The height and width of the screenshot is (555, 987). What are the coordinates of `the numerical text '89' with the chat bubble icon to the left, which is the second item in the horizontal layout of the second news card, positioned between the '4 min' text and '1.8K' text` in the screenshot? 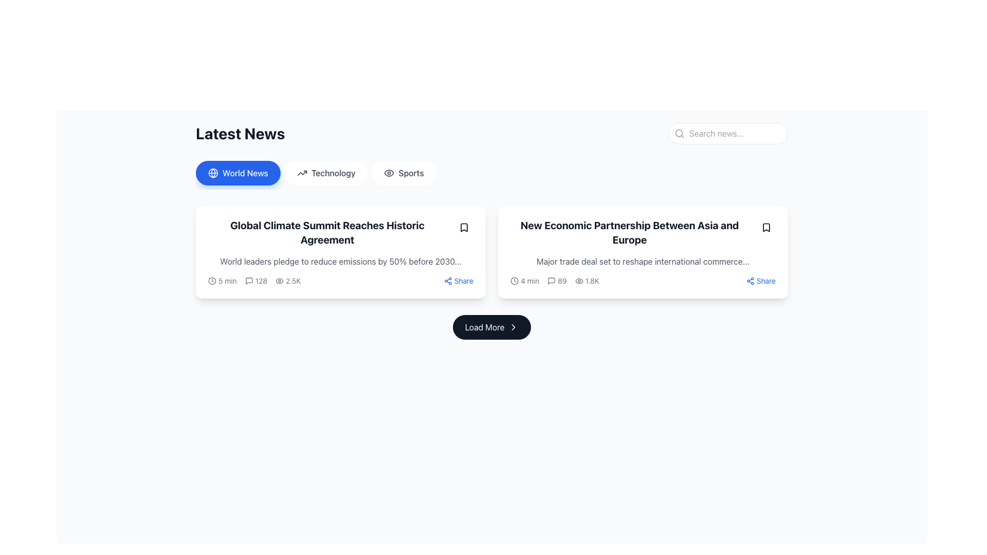 It's located at (556, 281).